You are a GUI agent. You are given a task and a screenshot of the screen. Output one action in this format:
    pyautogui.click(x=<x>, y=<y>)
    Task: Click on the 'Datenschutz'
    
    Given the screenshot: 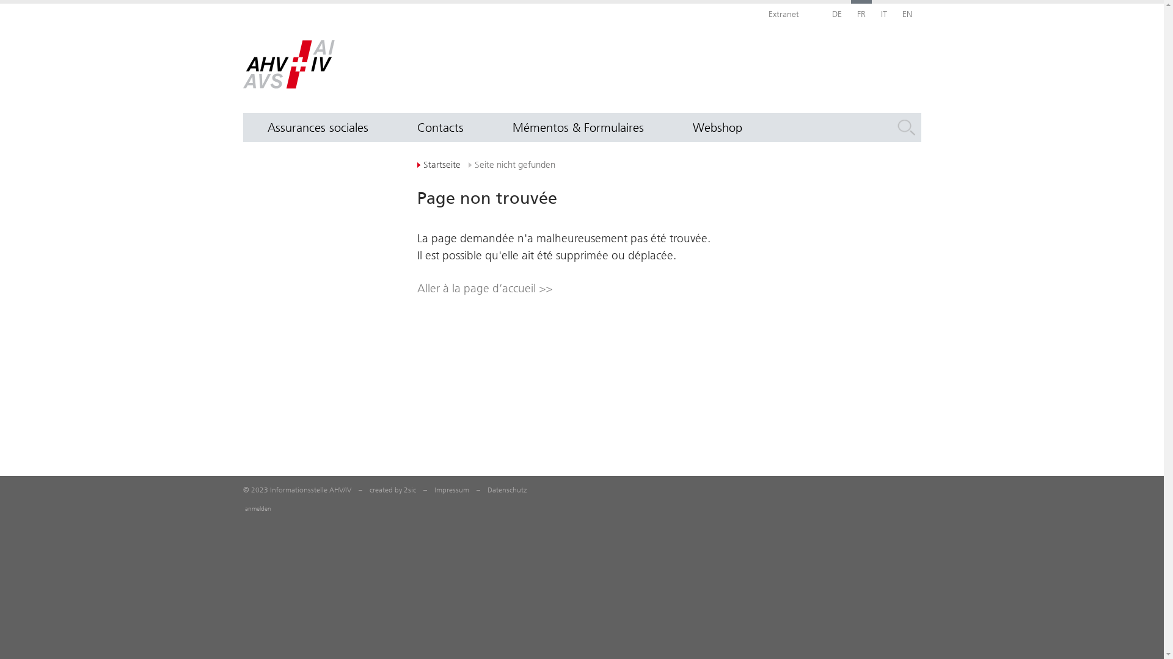 What is the action you would take?
    pyautogui.click(x=507, y=489)
    